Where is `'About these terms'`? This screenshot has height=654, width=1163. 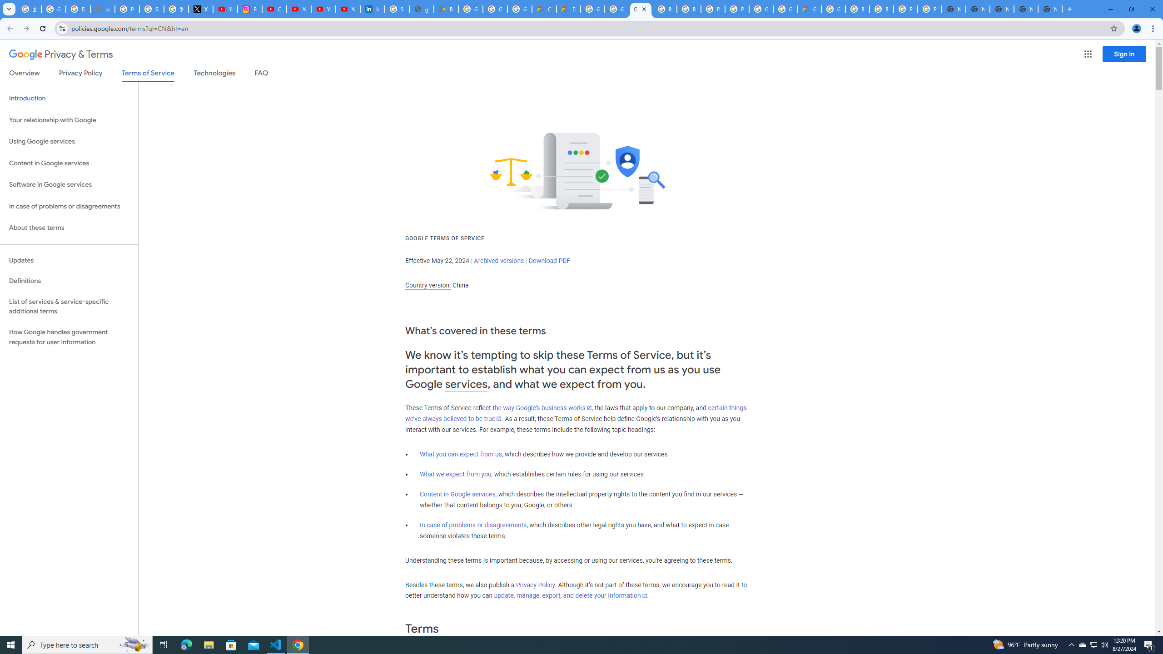
'About these terms' is located at coordinates (69, 228).